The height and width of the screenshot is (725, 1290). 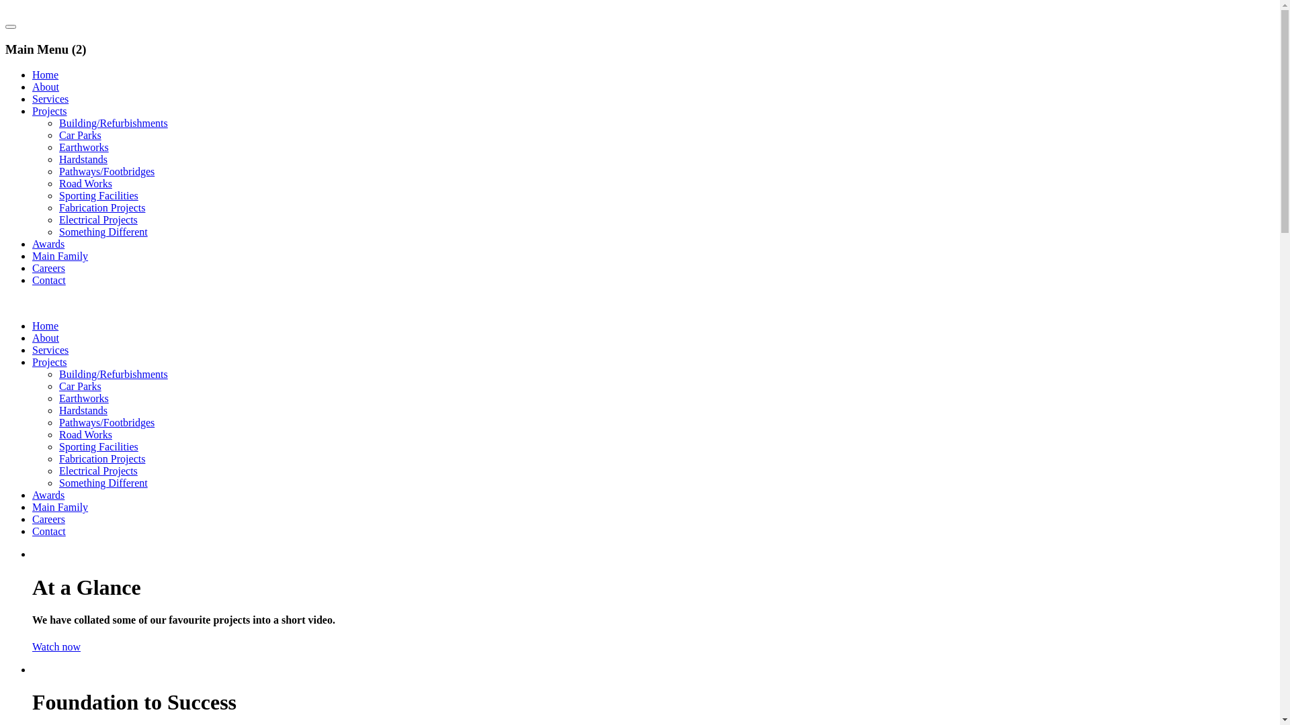 I want to click on 'Car Parks', so click(x=58, y=386).